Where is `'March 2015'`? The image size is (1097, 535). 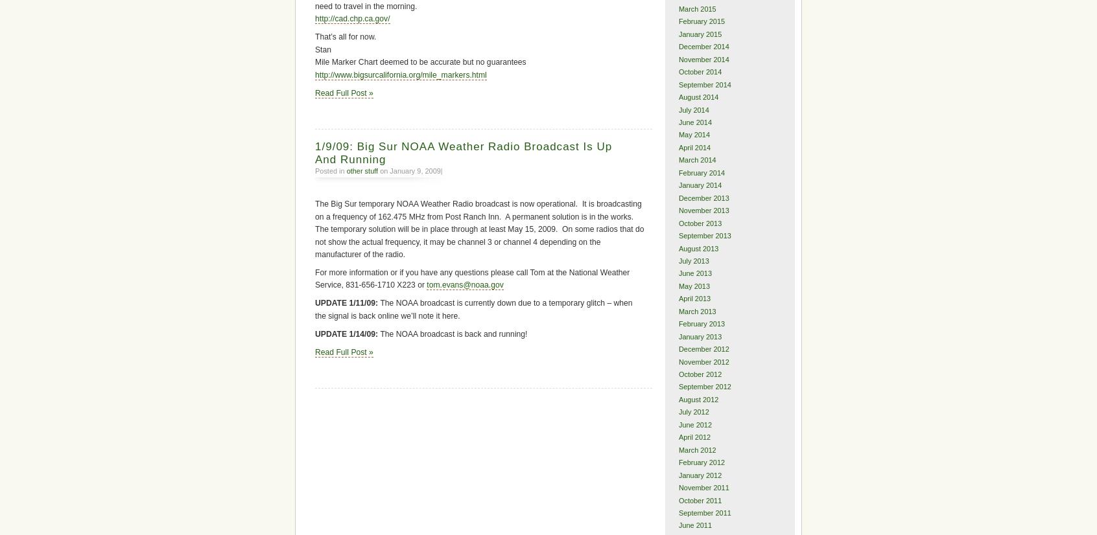
'March 2015' is located at coordinates (696, 8).